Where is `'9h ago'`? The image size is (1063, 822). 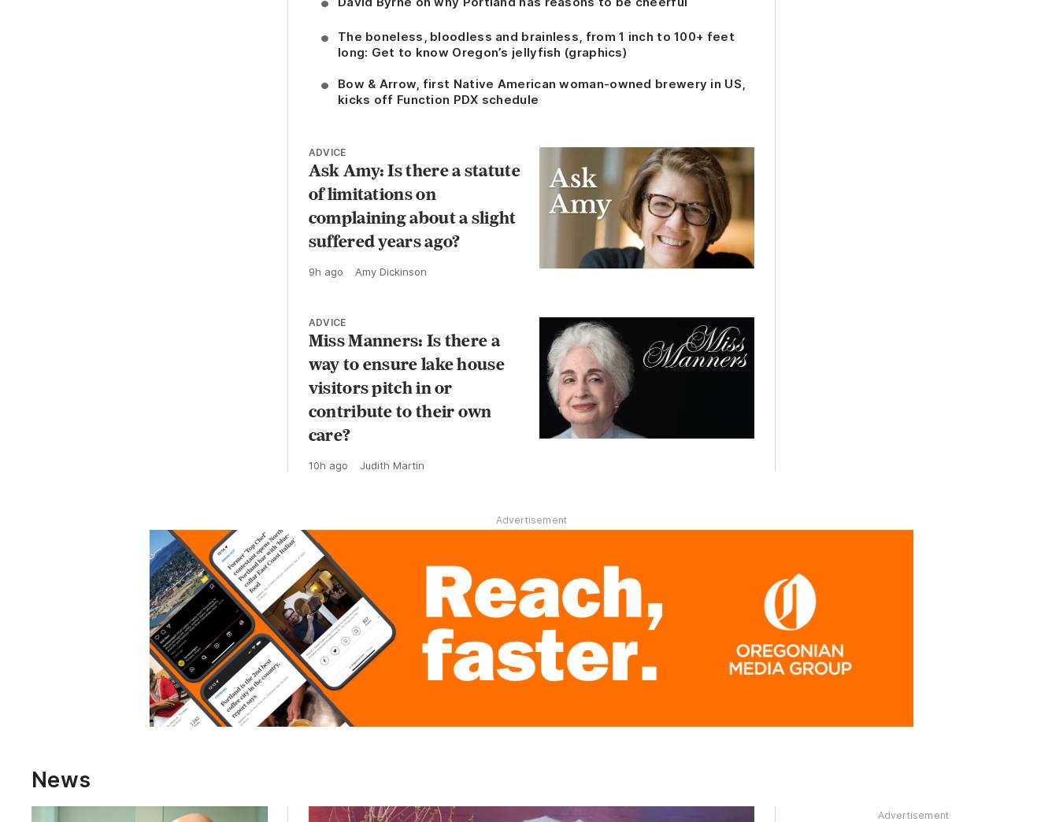
'9h ago' is located at coordinates (324, 272).